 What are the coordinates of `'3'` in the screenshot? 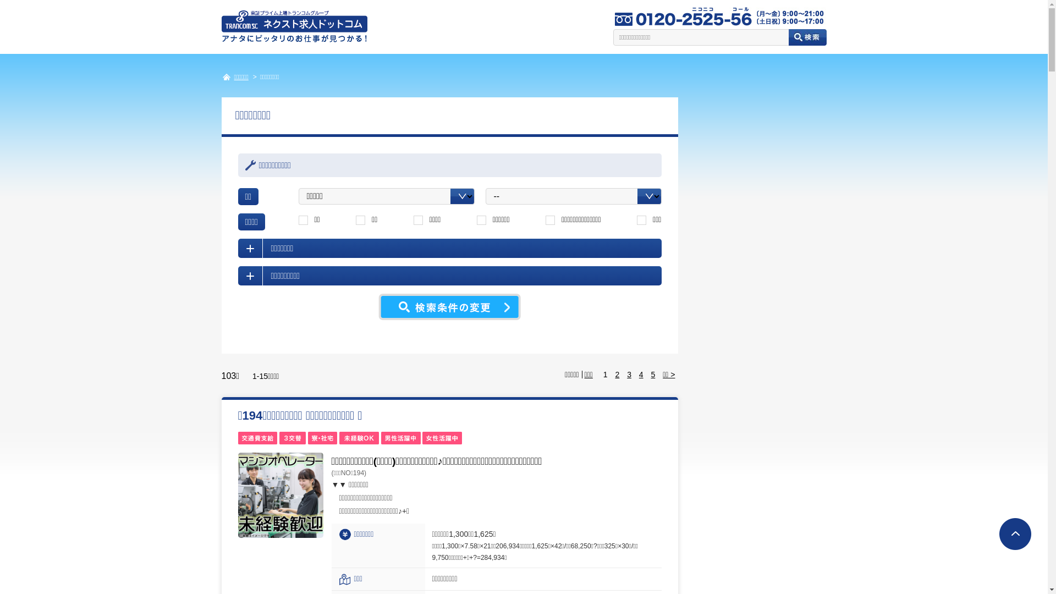 It's located at (629, 374).